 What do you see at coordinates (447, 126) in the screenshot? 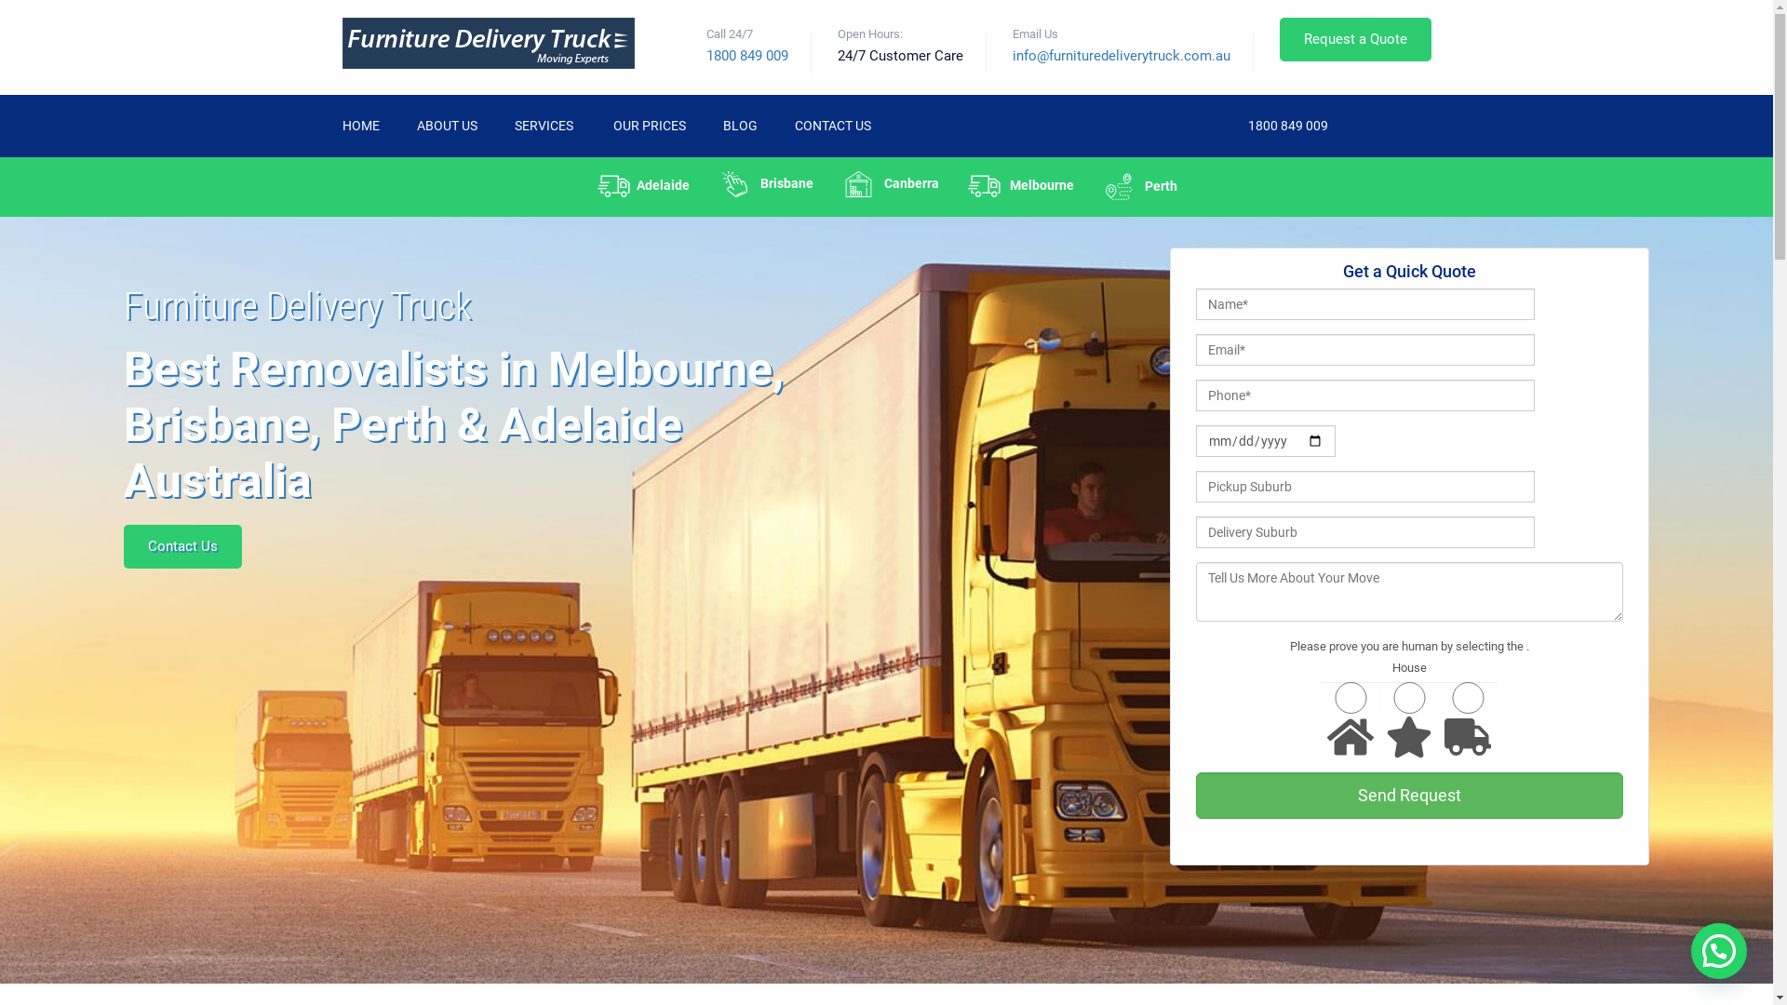
I see `'ABOUT US'` at bounding box center [447, 126].